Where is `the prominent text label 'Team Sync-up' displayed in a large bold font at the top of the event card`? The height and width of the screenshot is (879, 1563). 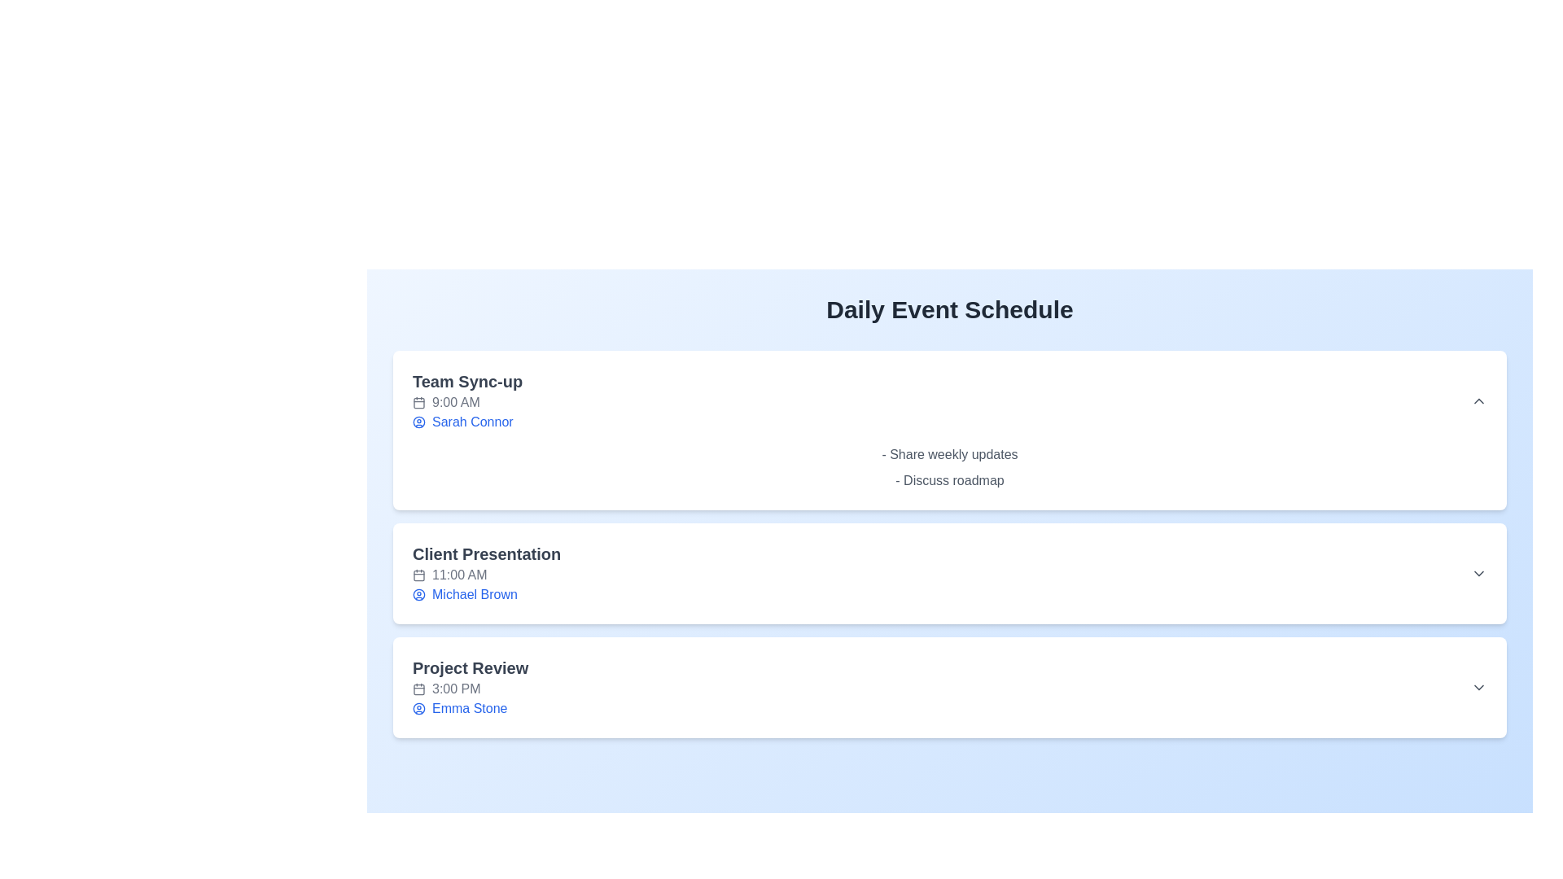
the prominent text label 'Team Sync-up' displayed in a large bold font at the top of the event card is located at coordinates (466, 382).